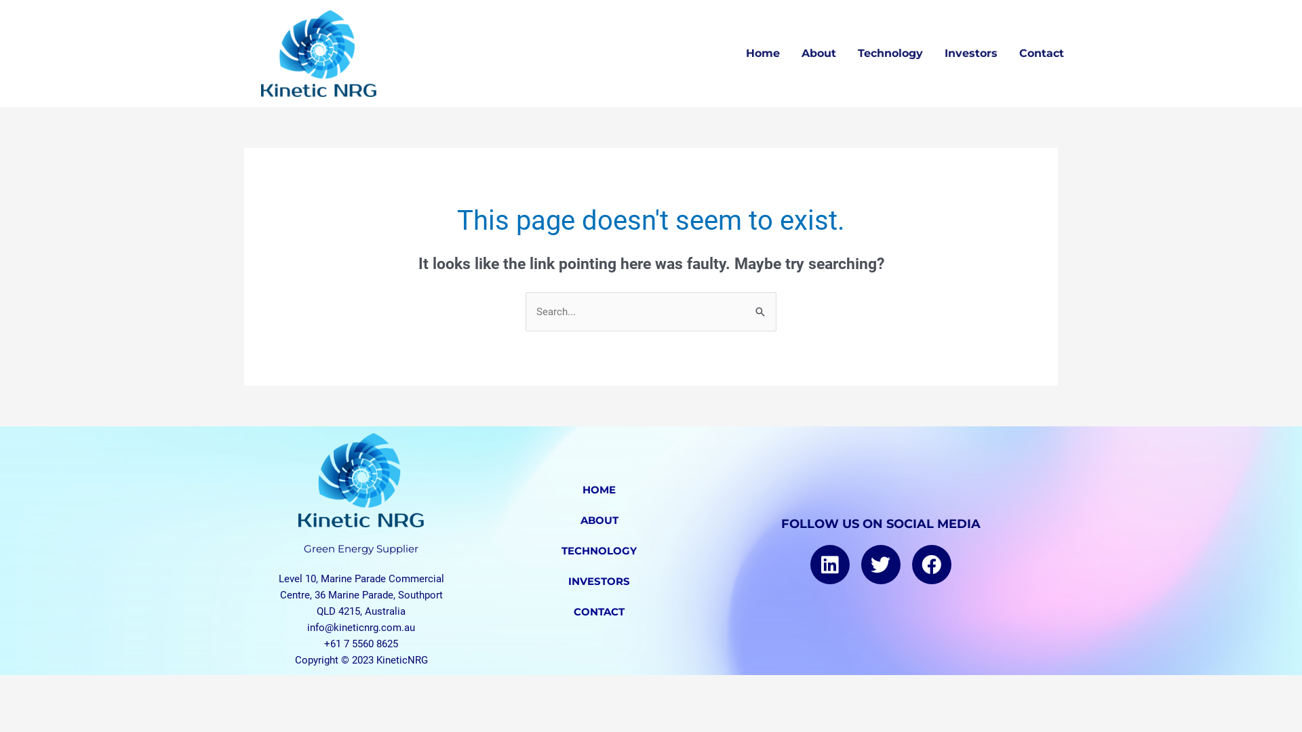 This screenshot has width=1302, height=732. Describe the element at coordinates (598, 580) in the screenshot. I see `'INVESTORS'` at that location.